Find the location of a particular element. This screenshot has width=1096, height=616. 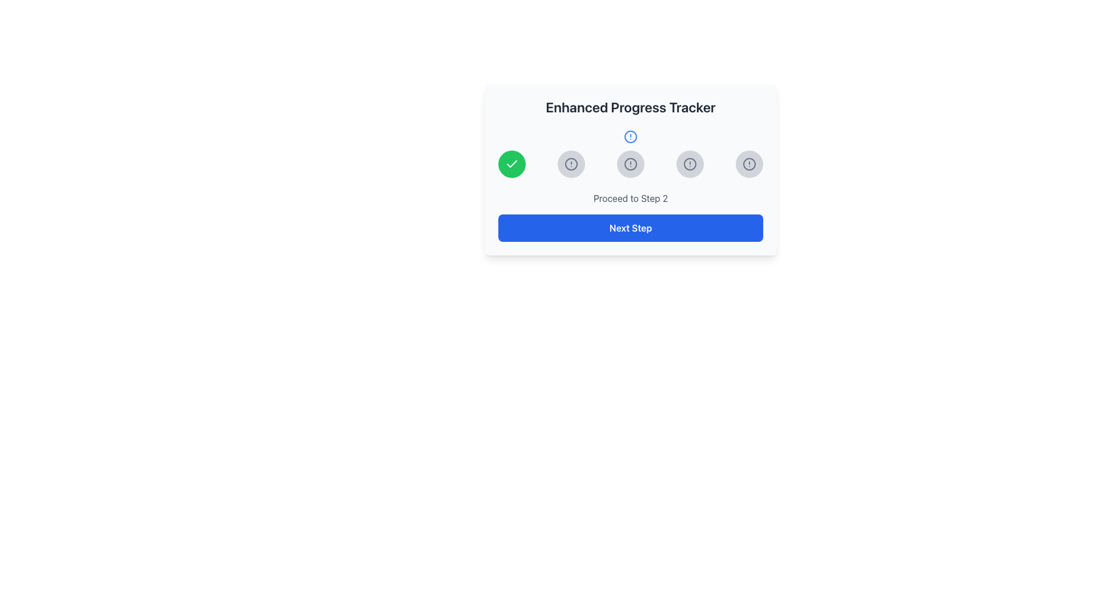

the circular status indicator button with a green background and a white checkmark icon, which is the first button in a horizontal sequence of status indicators in the progress tracker layout is located at coordinates (511, 164).